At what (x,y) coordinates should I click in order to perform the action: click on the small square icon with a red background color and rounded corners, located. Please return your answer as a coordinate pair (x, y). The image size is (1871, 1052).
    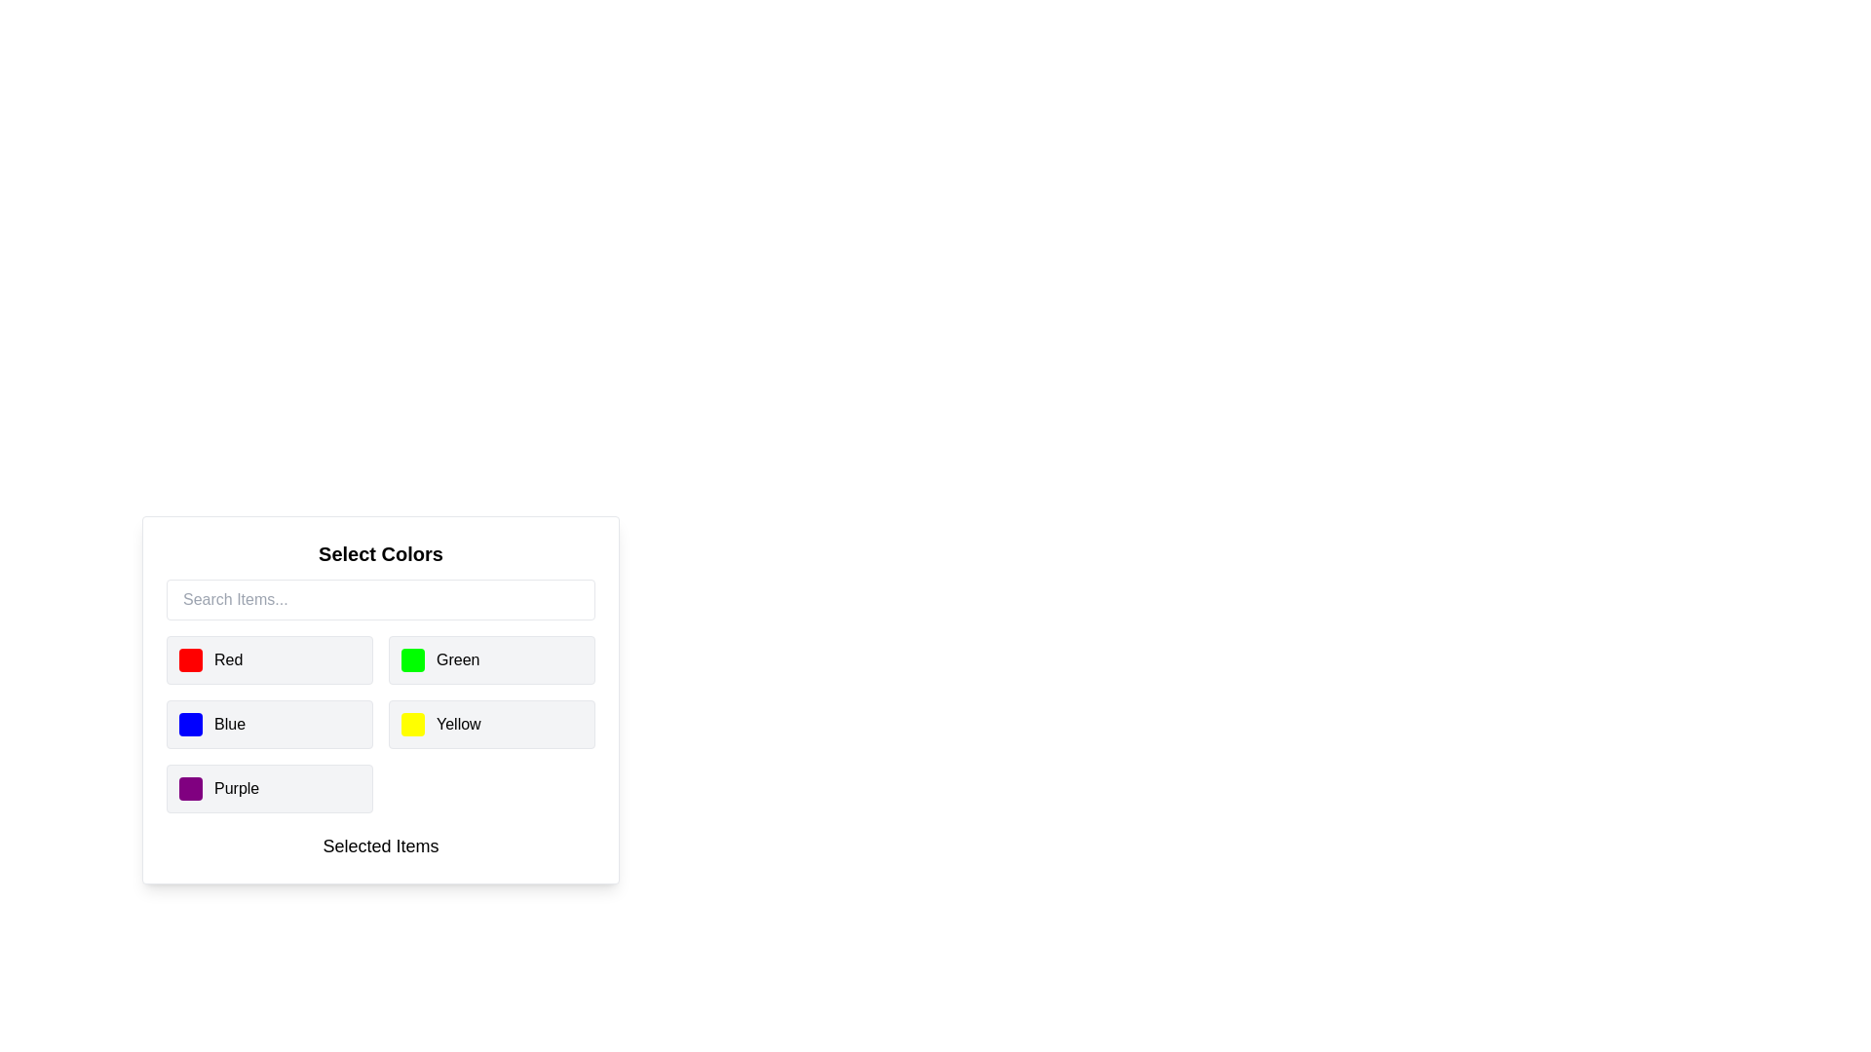
    Looking at the image, I should click on (191, 659).